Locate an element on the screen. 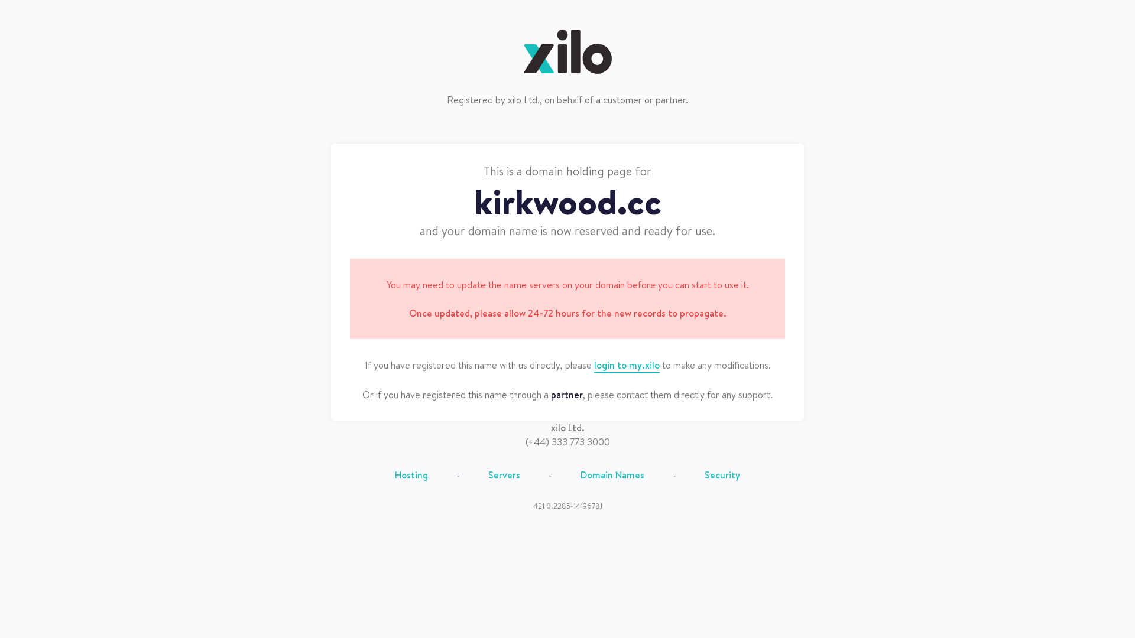  'Security' is located at coordinates (722, 474).